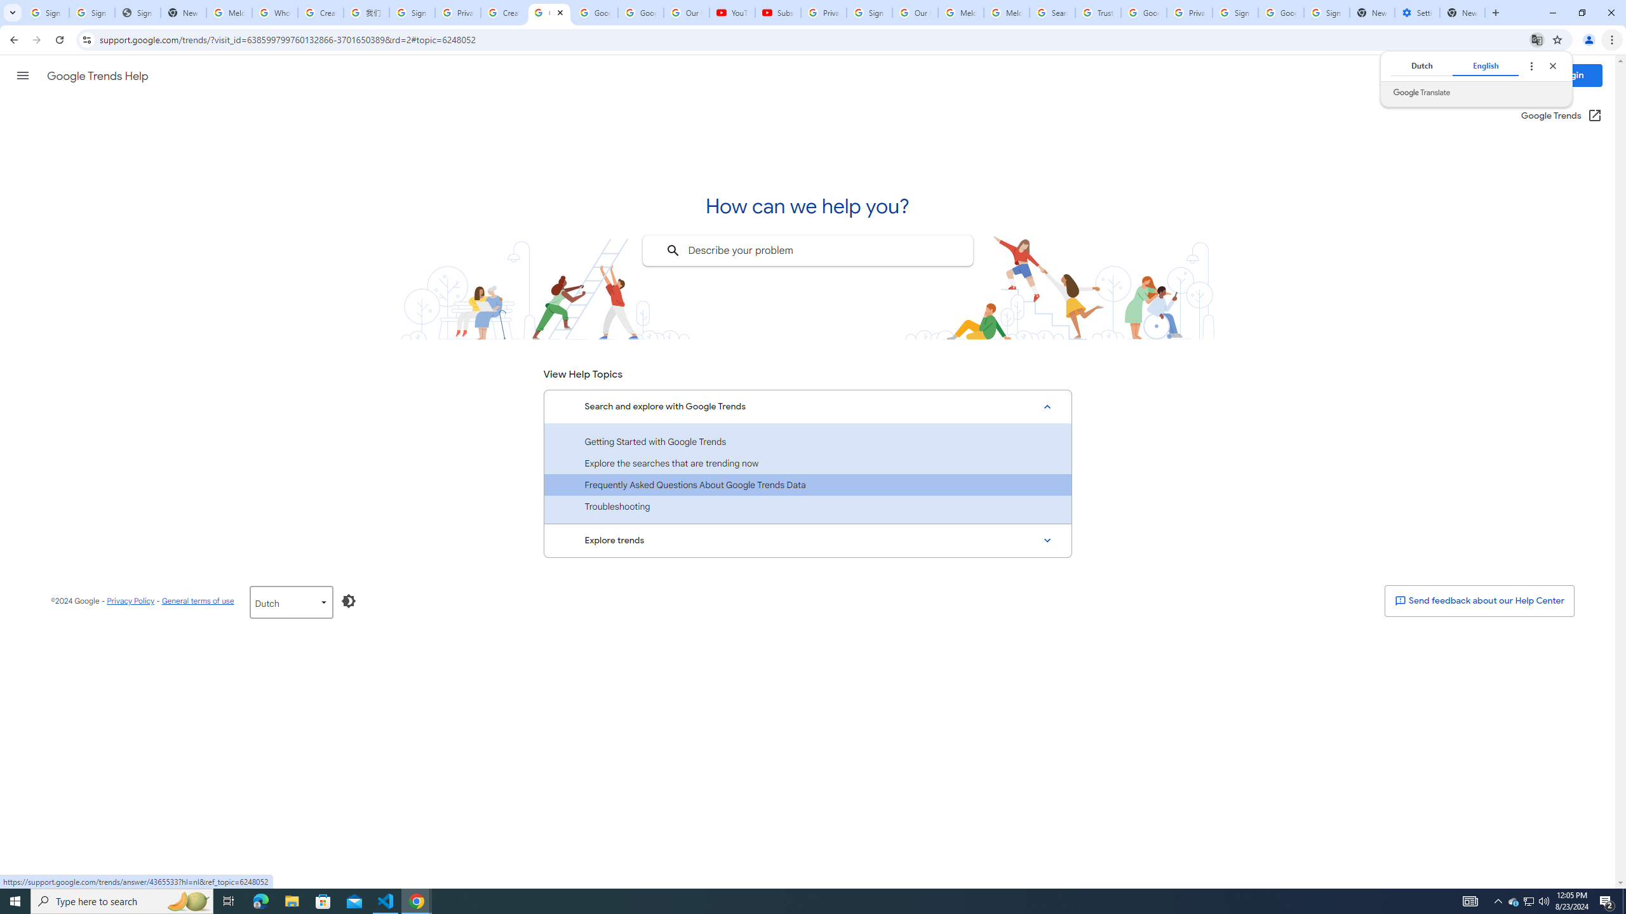  What do you see at coordinates (1571, 75) in the screenshot?
I see `'Login'` at bounding box center [1571, 75].